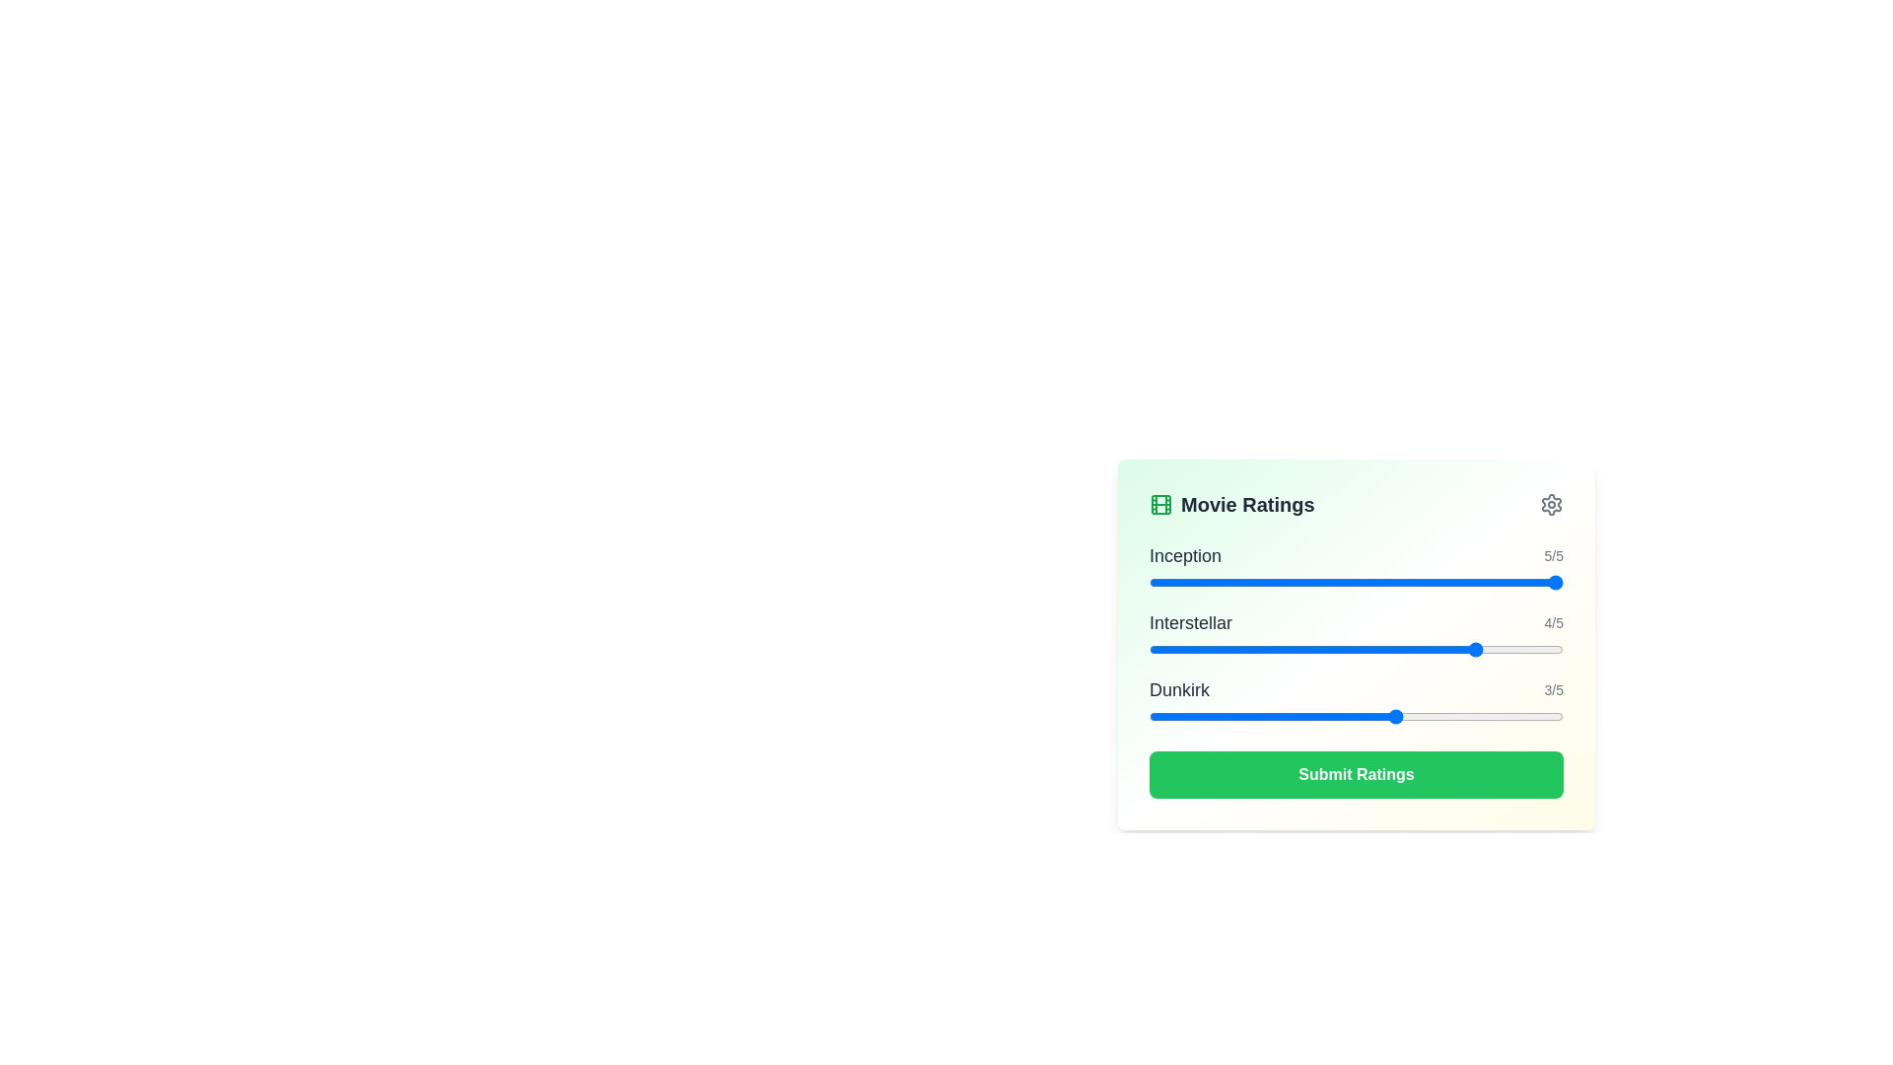  What do you see at coordinates (1356, 567) in the screenshot?
I see `the slider for the movie 'Inception' which displays the rating '5/5'` at bounding box center [1356, 567].